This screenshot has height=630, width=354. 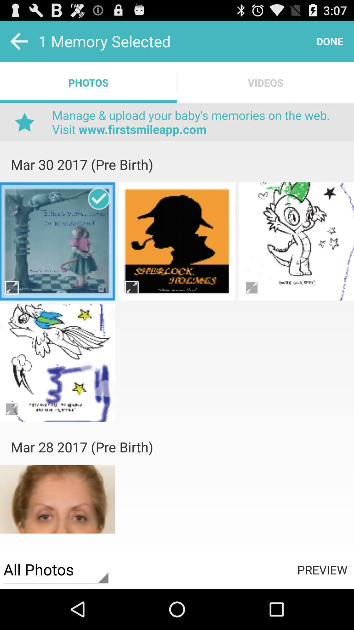 I want to click on zoom in, so click(x=131, y=287).